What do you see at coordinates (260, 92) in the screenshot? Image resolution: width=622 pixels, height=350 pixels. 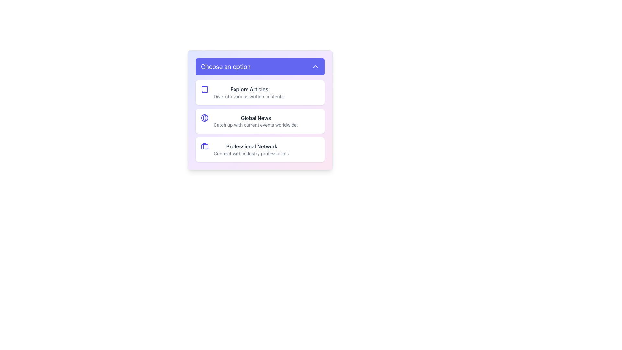 I see `the selectable list item titled 'Explore Articles'` at bounding box center [260, 92].